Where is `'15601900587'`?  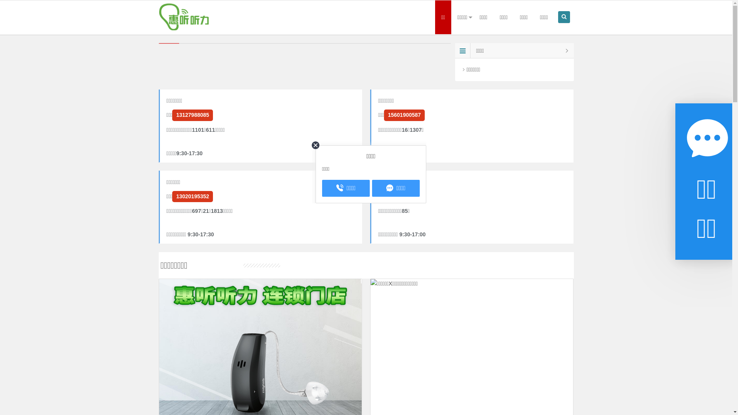 '15601900587' is located at coordinates (404, 115).